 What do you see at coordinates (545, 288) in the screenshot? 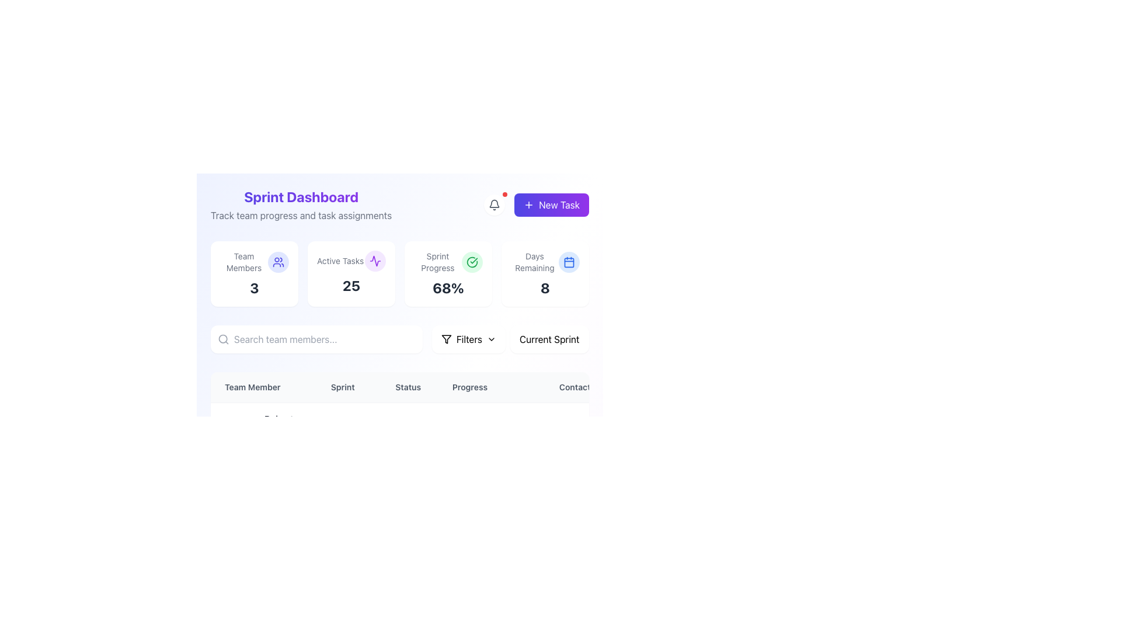
I see `the bold numeral '8' displayed in a large font size and dark gray color, which is positioned at the bottom of the card component indicating 'Days Remaining'` at bounding box center [545, 288].